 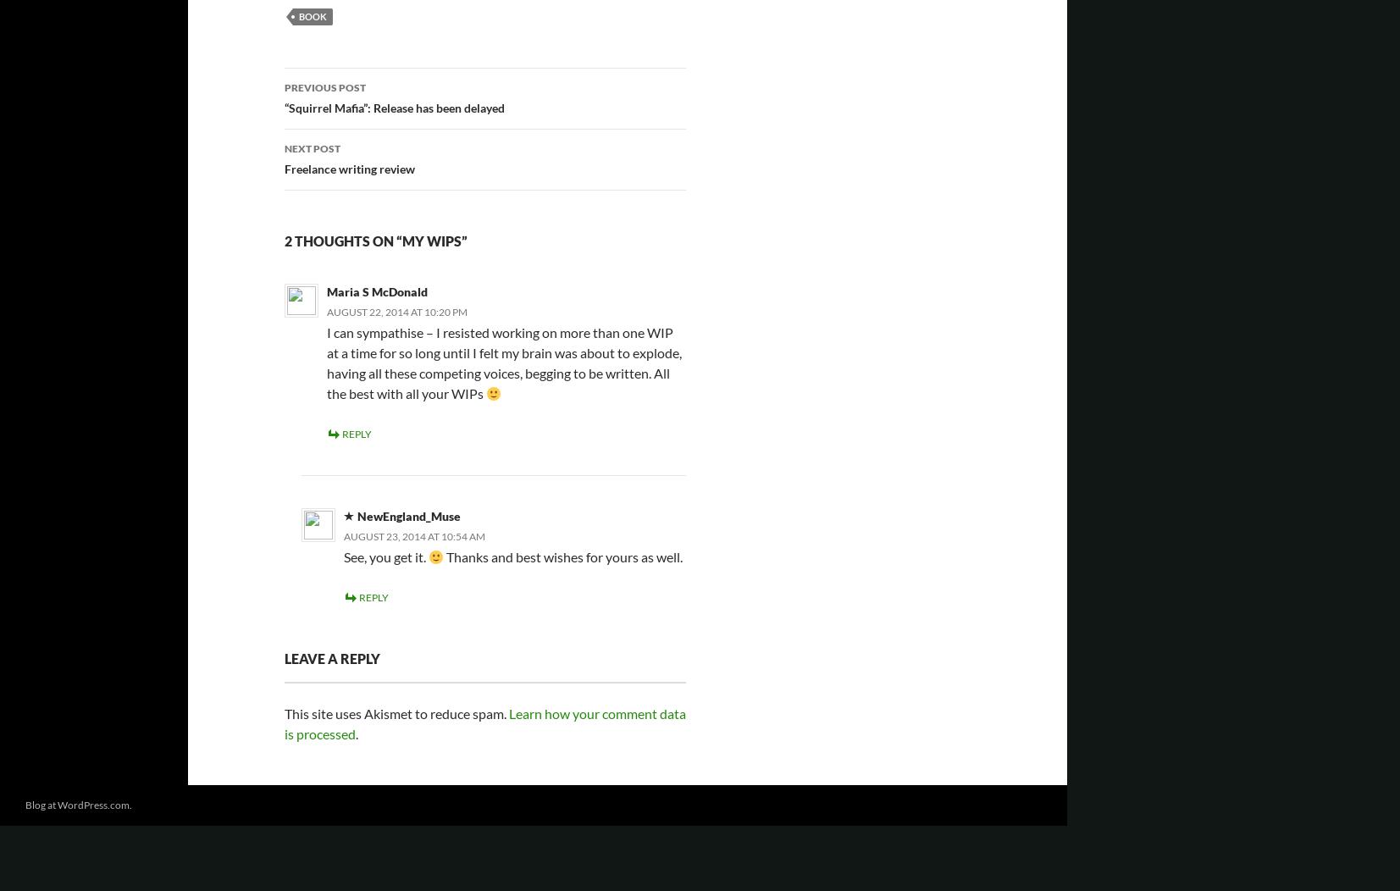 What do you see at coordinates (284, 722) in the screenshot?
I see `'Learn how your comment data is processed'` at bounding box center [284, 722].